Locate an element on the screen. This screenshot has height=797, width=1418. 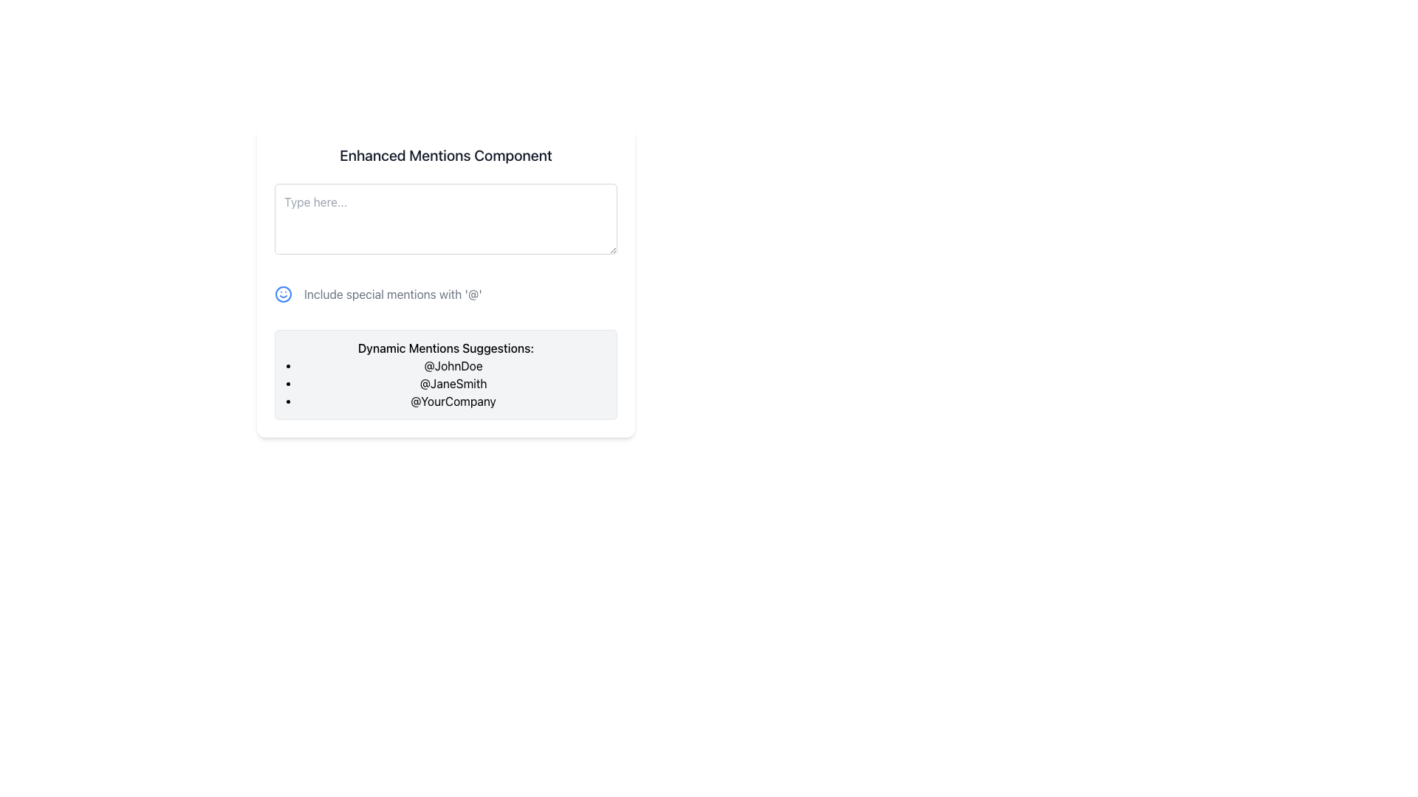
the mention suggestion from the dynamic list displayed under 'Dynamic Mentions Suggestions:' is located at coordinates (453, 383).